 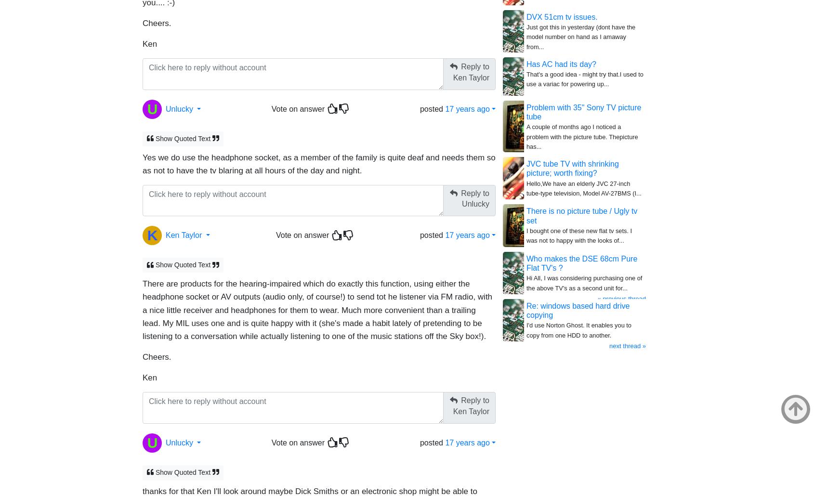 What do you see at coordinates (582, 136) in the screenshot?
I see `'A couple of months ago I noticed a problem with the picture tube. Thepicture has...'` at bounding box center [582, 136].